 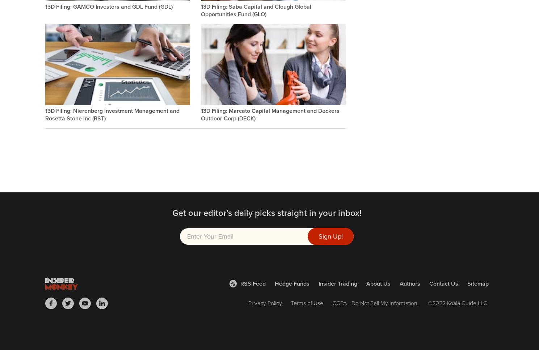 What do you see at coordinates (252, 283) in the screenshot?
I see `'RSS Feed'` at bounding box center [252, 283].